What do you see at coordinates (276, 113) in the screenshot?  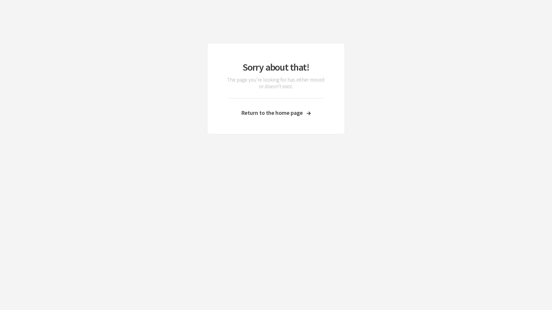 I see `'Return to the home page'` at bounding box center [276, 113].